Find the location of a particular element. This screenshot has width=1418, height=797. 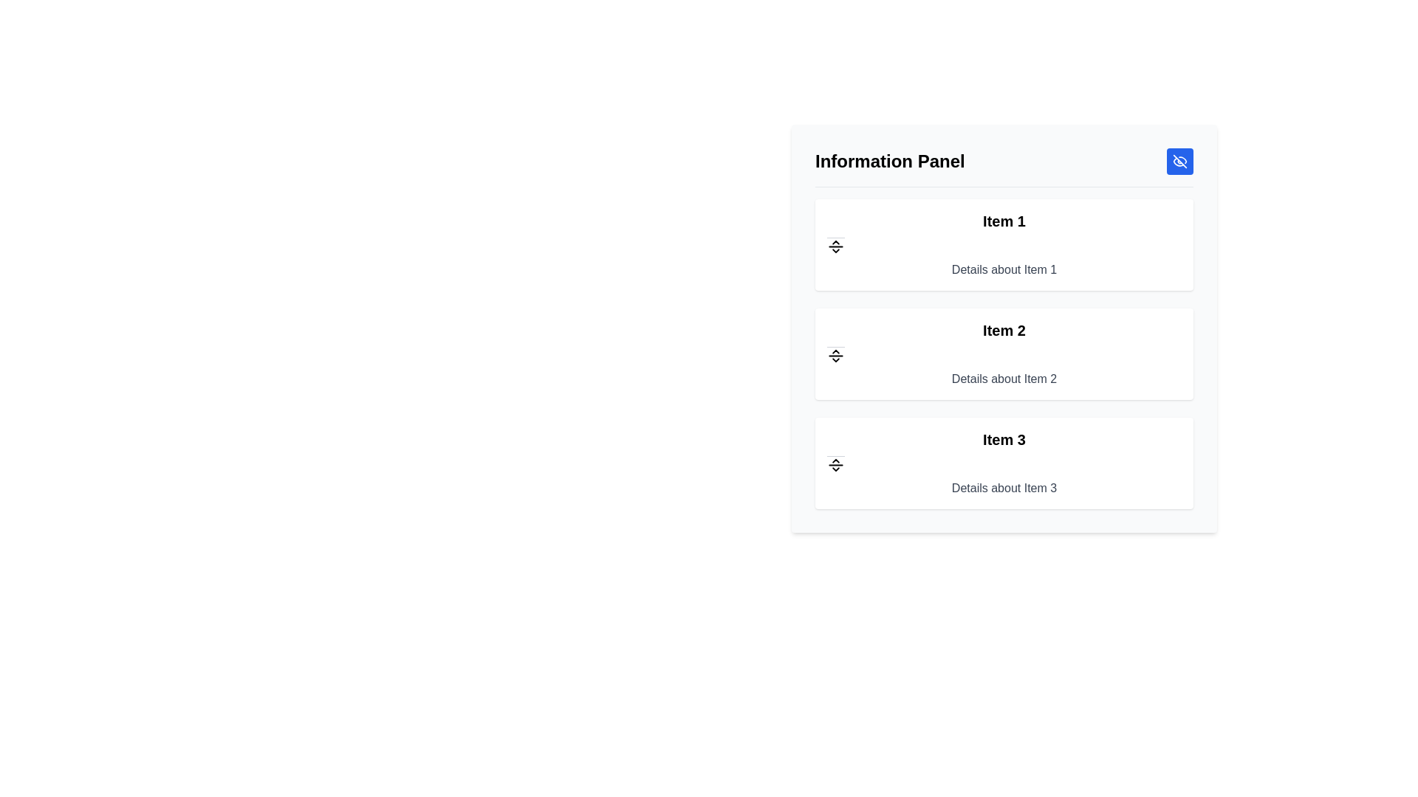

the second item in the 'Information Panel' list is located at coordinates (1004, 353).